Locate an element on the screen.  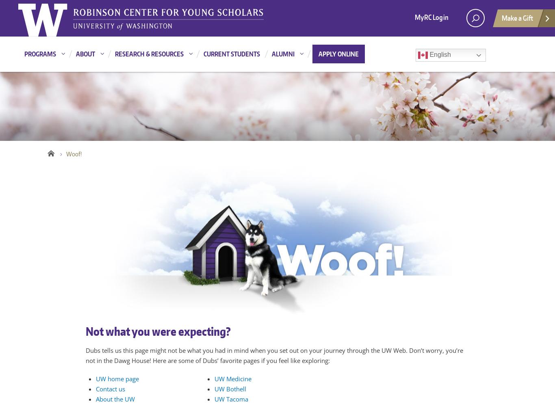
'UW home page' is located at coordinates (117, 379).